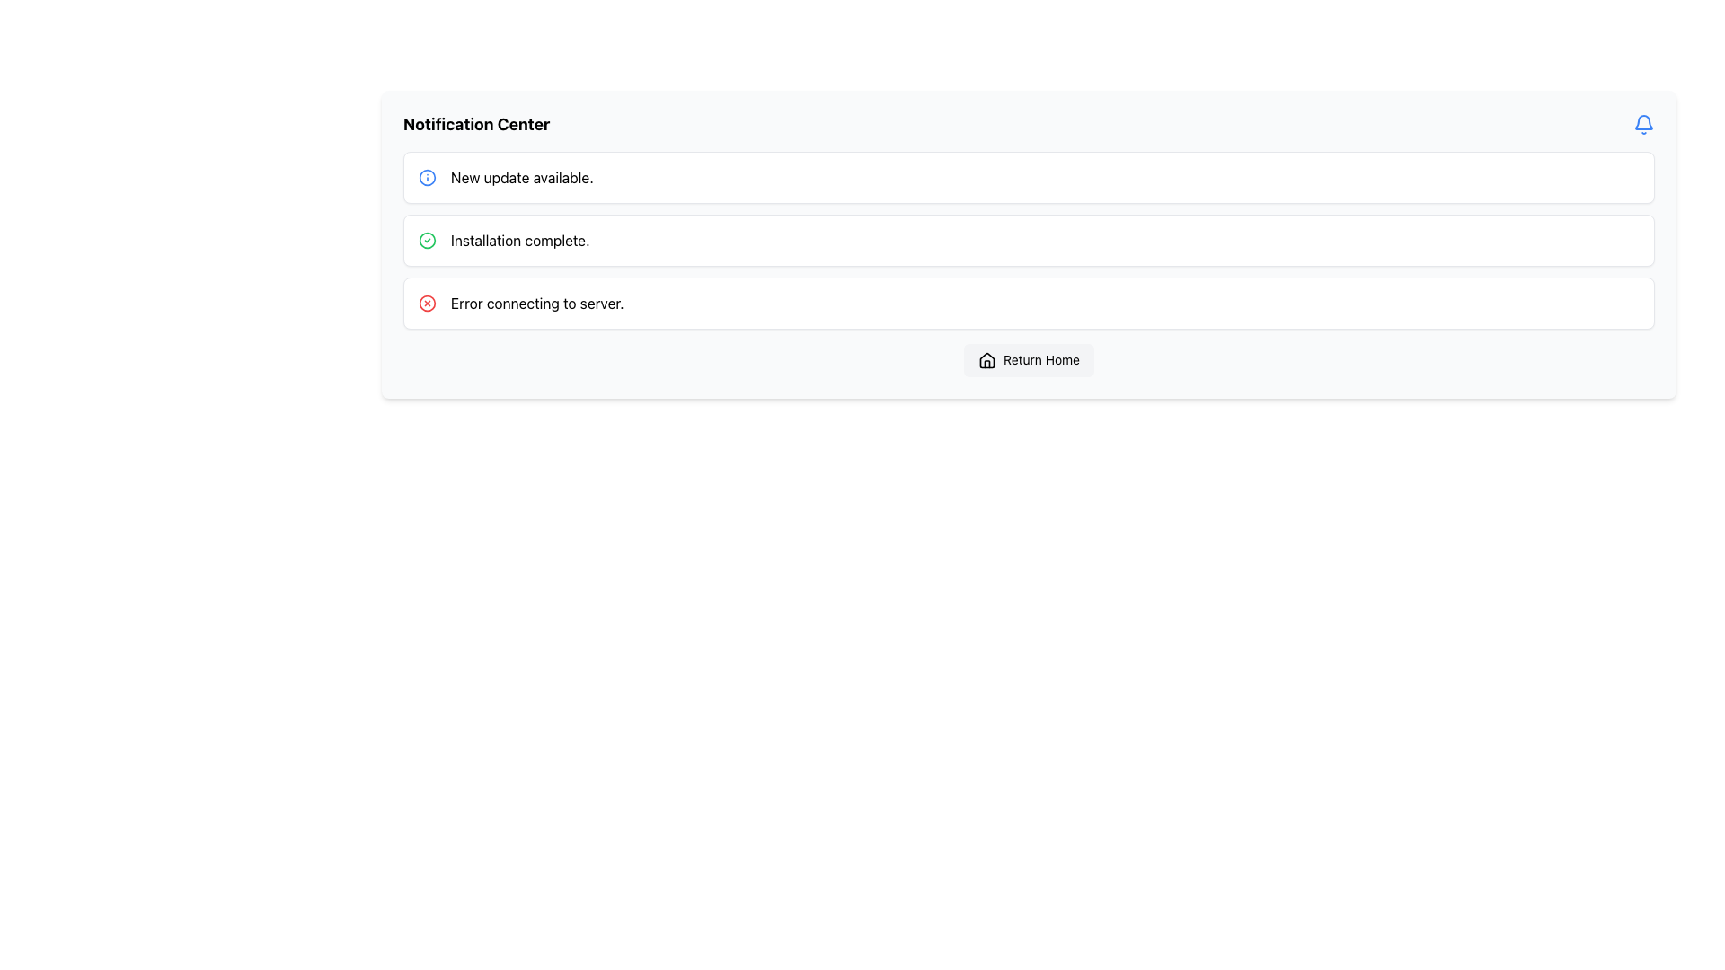 This screenshot has height=970, width=1725. What do you see at coordinates (426, 303) in the screenshot?
I see `the error icon (circle with cross) located in the third notification card, to the far left of the text 'Error connecting to server.'` at bounding box center [426, 303].